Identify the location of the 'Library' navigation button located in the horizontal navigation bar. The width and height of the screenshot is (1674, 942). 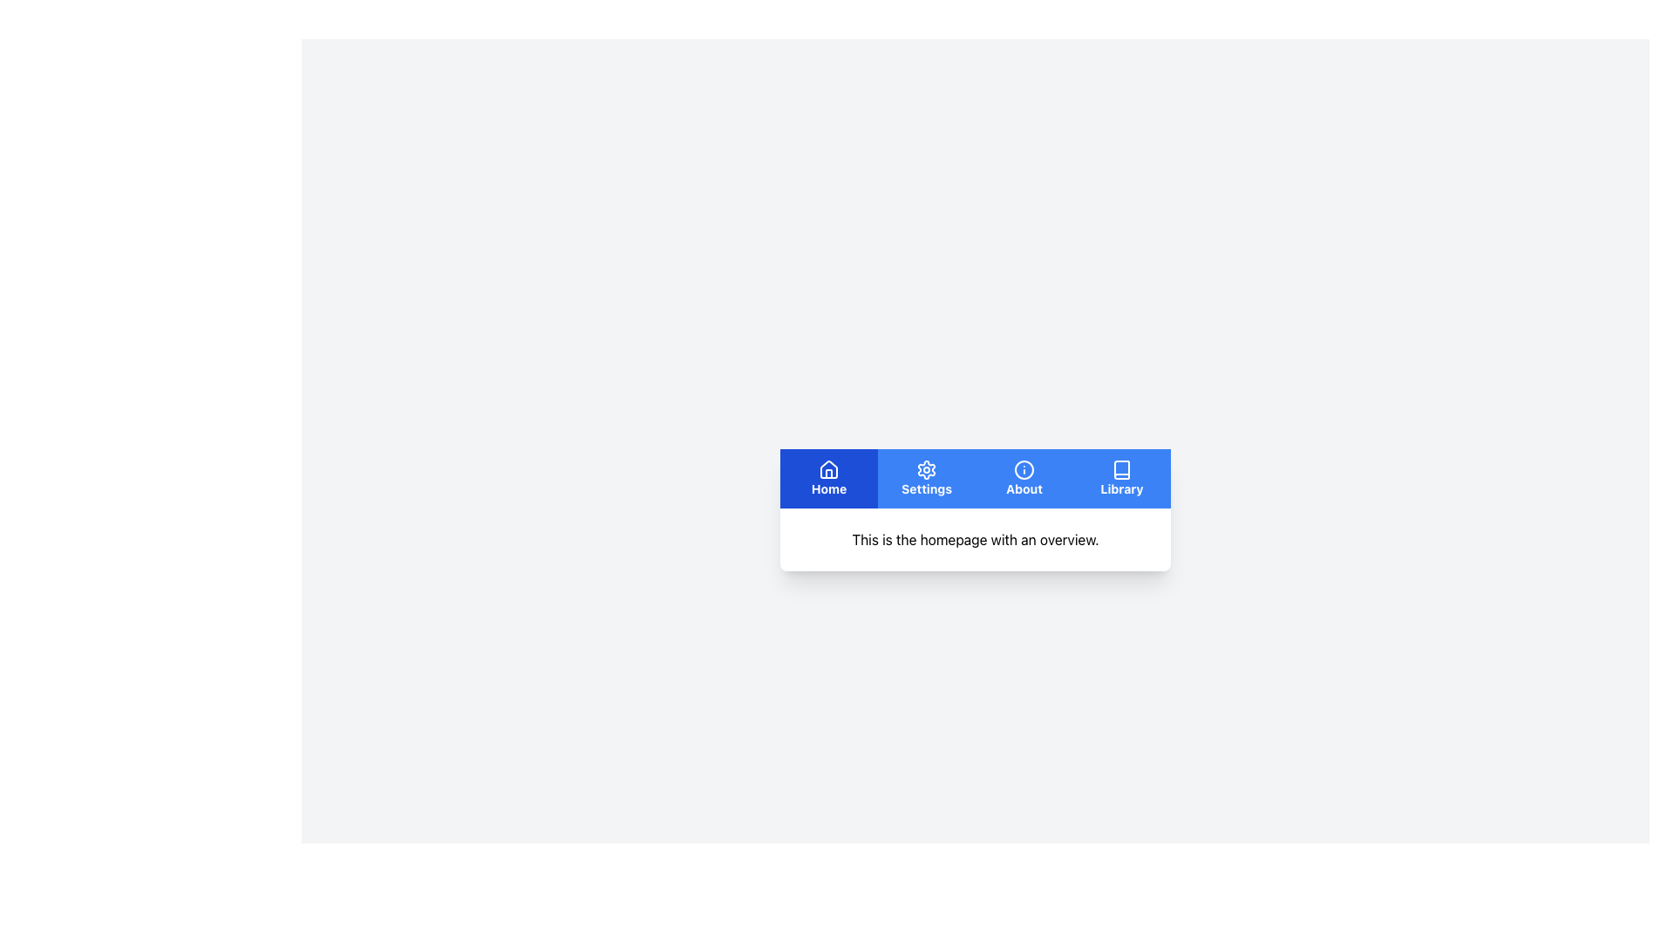
(1121, 478).